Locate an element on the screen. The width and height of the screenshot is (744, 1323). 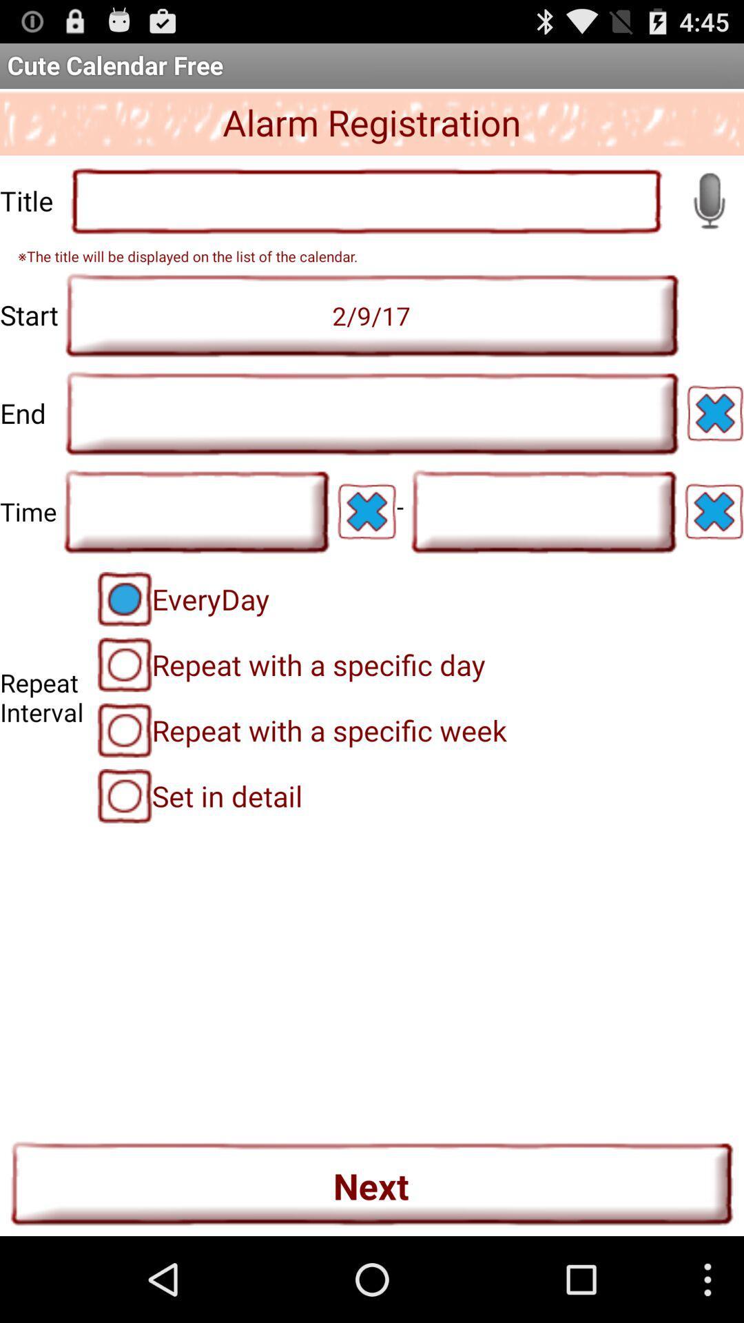
microphone enabled is located at coordinates (709, 200).